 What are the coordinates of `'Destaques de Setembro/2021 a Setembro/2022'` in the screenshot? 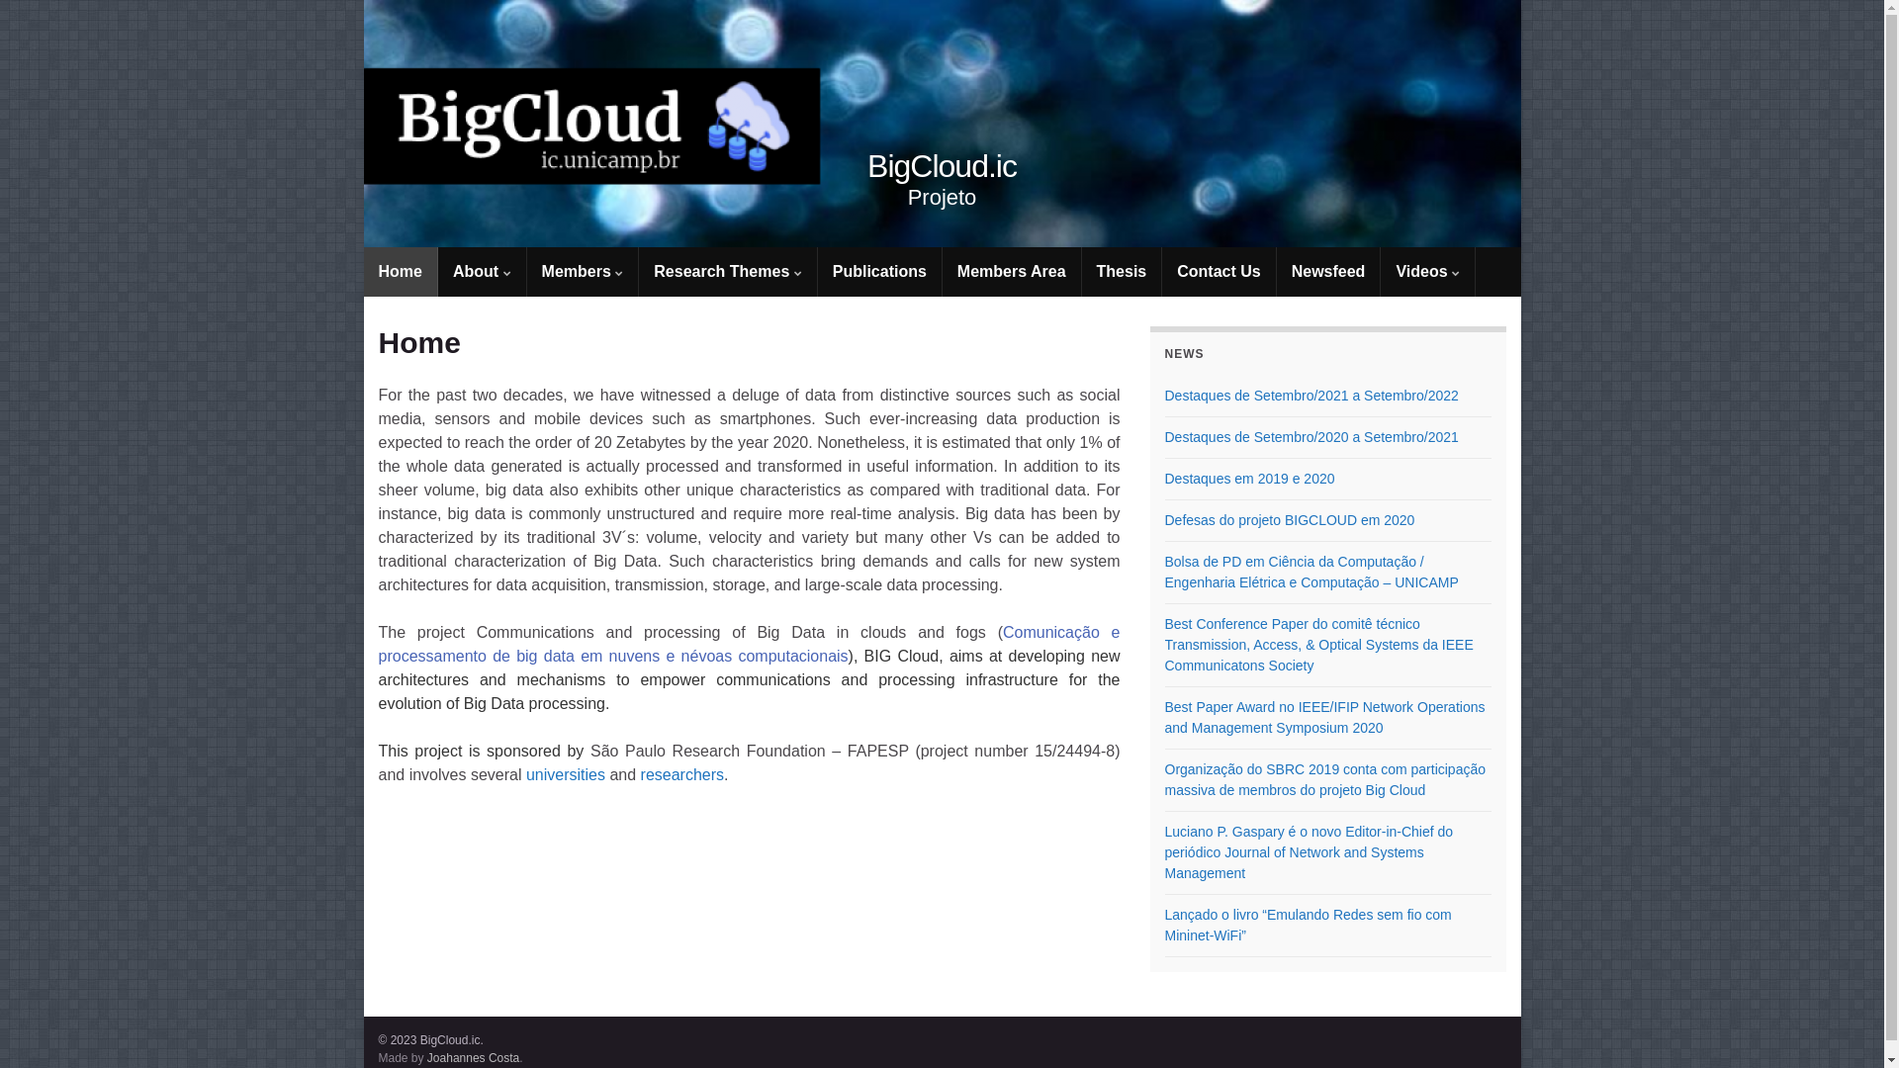 It's located at (1311, 396).